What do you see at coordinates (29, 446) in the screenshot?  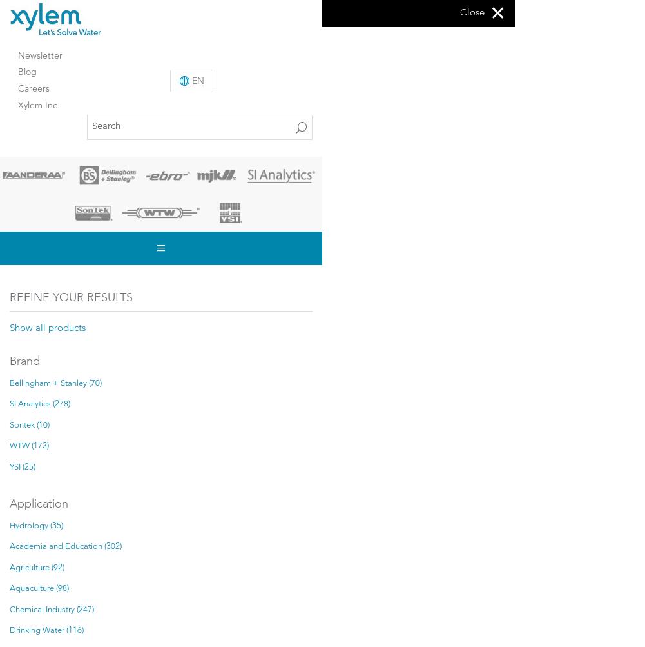 I see `'WTW (172)'` at bounding box center [29, 446].